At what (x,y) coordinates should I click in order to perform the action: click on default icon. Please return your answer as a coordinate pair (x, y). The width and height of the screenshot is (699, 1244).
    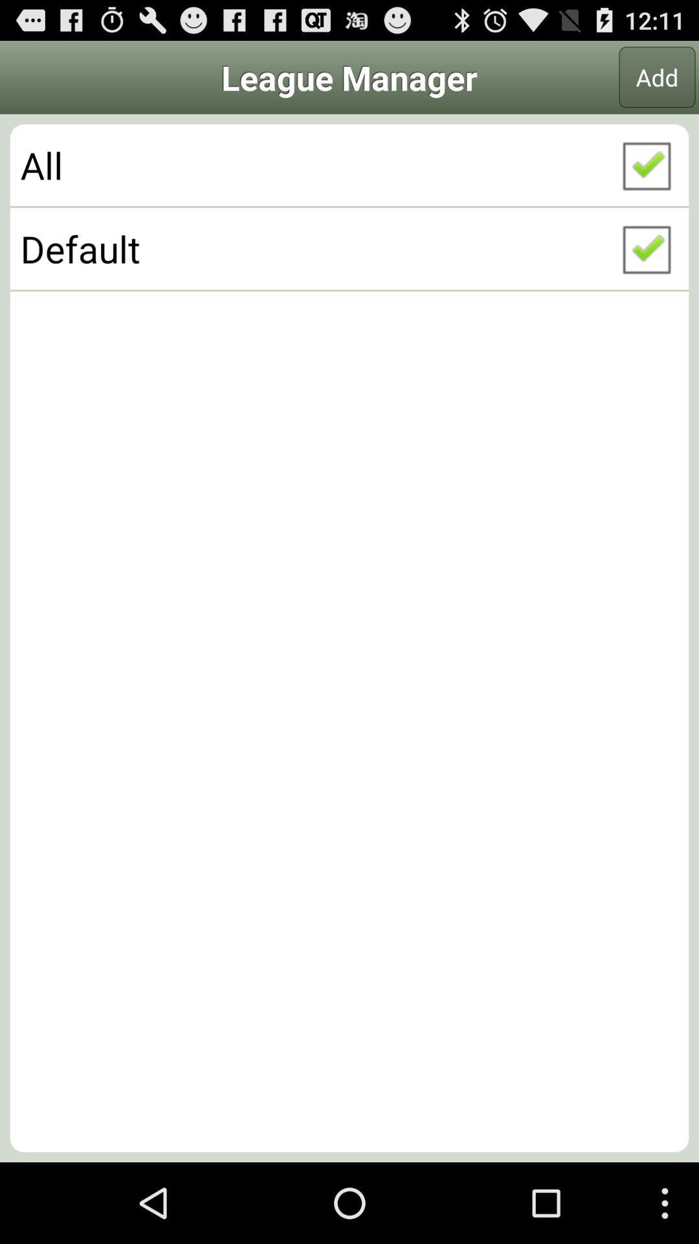
    Looking at the image, I should click on (349, 249).